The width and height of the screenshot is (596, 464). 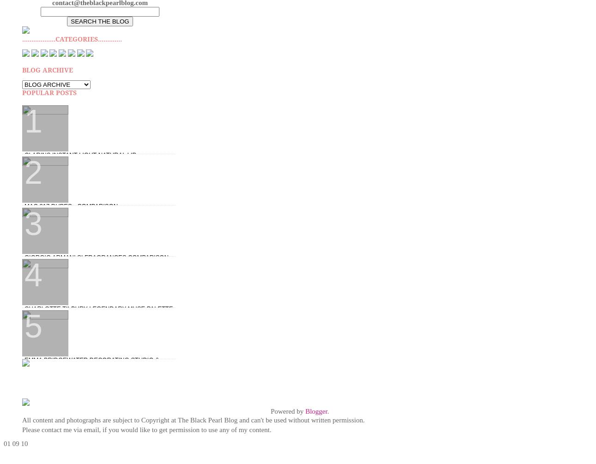 What do you see at coordinates (24, 442) in the screenshot?
I see `'10'` at bounding box center [24, 442].